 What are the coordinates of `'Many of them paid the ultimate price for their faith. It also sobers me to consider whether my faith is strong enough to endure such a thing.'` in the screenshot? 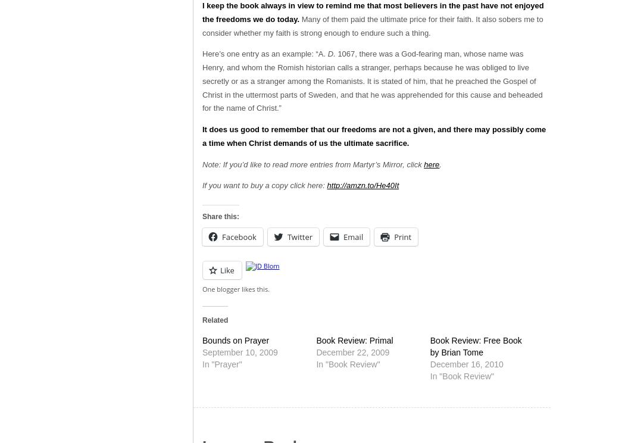 It's located at (373, 25).